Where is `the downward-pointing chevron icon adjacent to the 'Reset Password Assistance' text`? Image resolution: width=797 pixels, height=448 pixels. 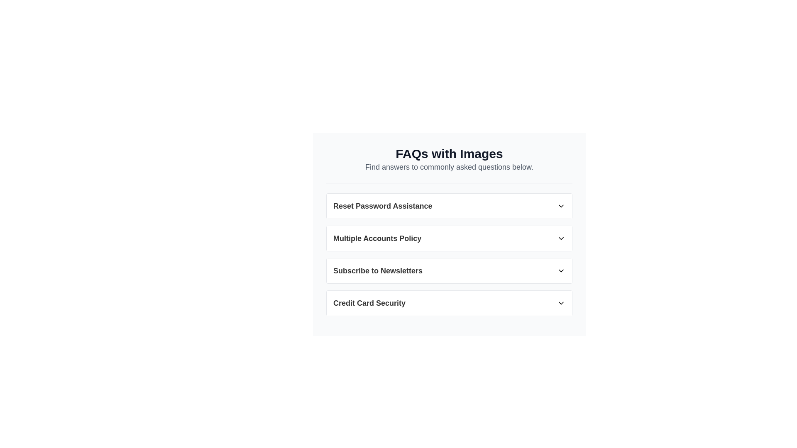
the downward-pointing chevron icon adjacent to the 'Reset Password Assistance' text is located at coordinates (561, 206).